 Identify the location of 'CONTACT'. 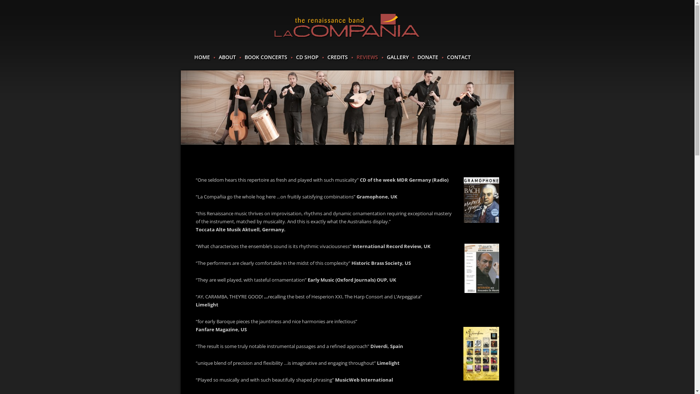
(446, 57).